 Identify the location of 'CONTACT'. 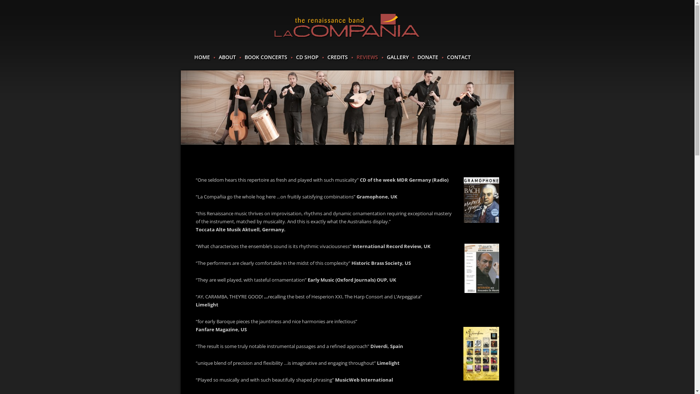
(446, 57).